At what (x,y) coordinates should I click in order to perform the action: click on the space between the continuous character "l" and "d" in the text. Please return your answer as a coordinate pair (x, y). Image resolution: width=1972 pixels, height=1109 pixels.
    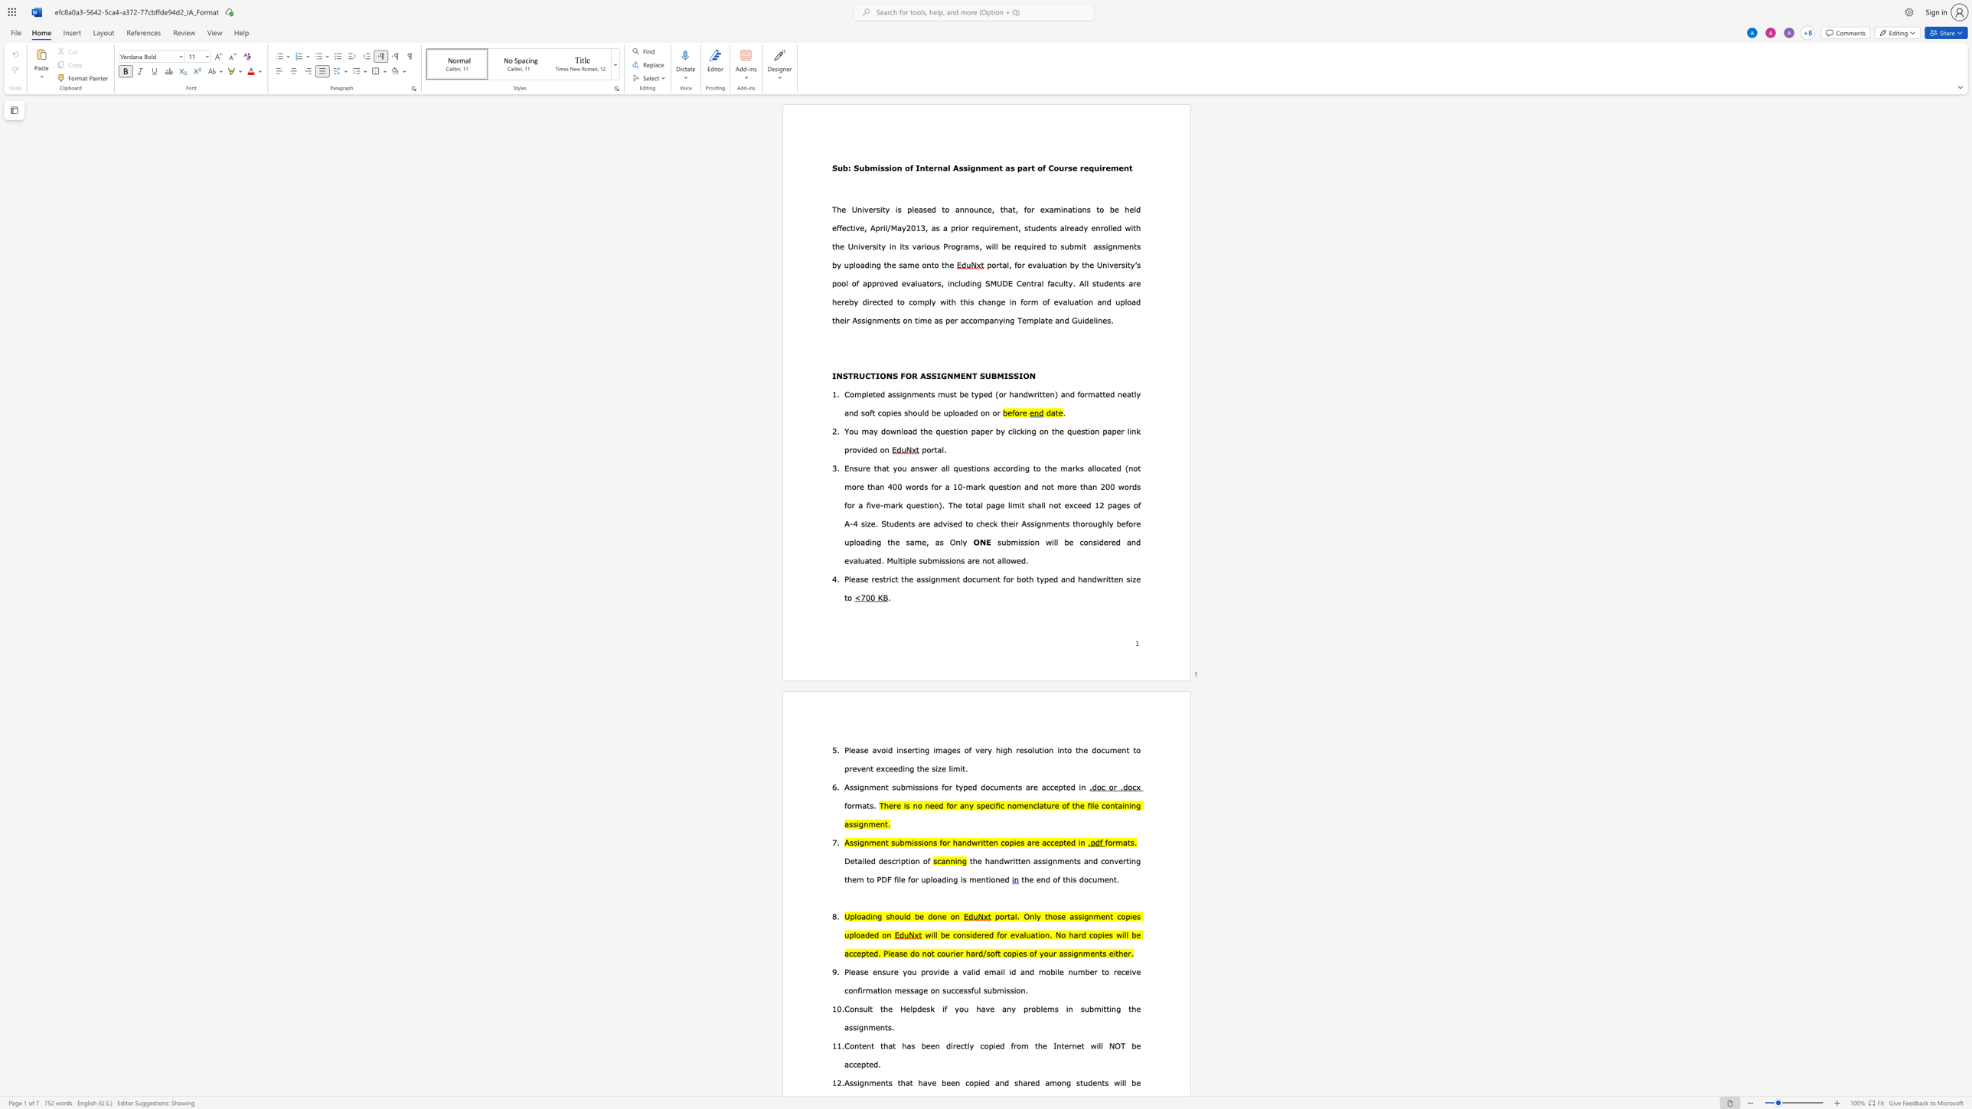
    Looking at the image, I should click on (1136, 208).